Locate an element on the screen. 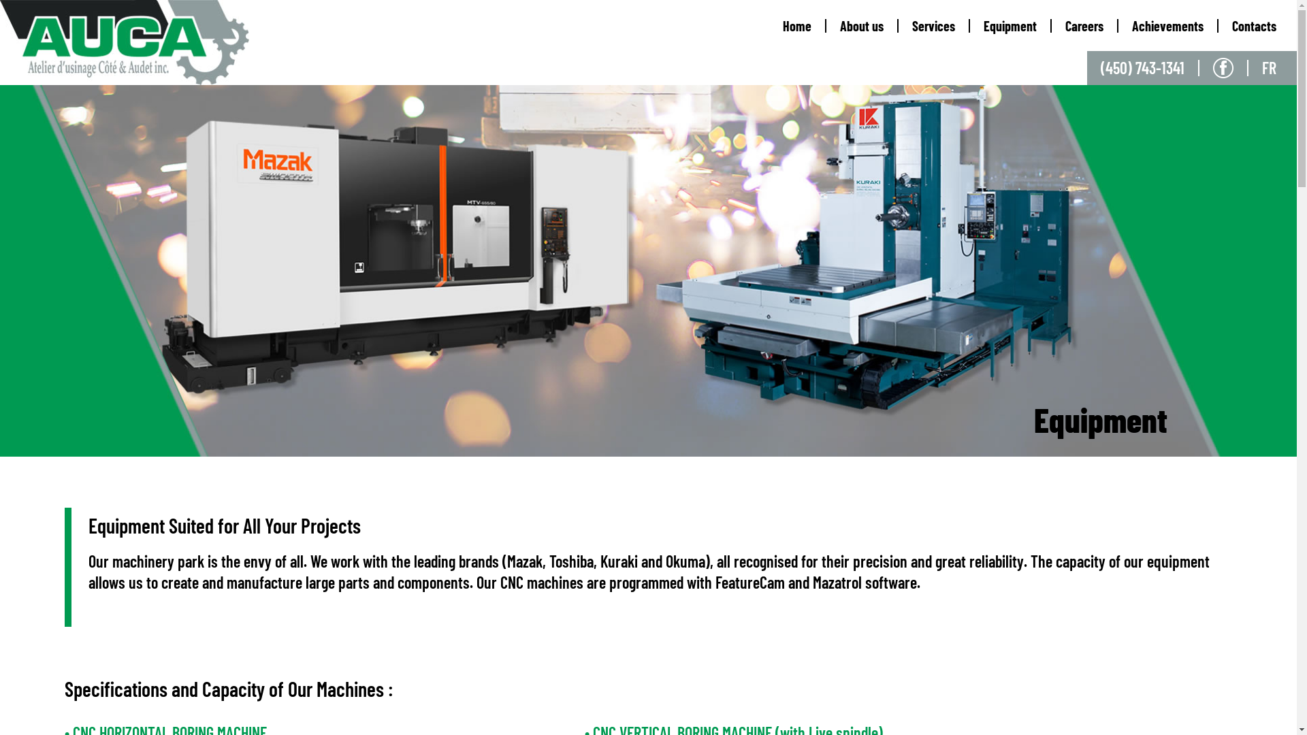  'Careers' is located at coordinates (1084, 26).